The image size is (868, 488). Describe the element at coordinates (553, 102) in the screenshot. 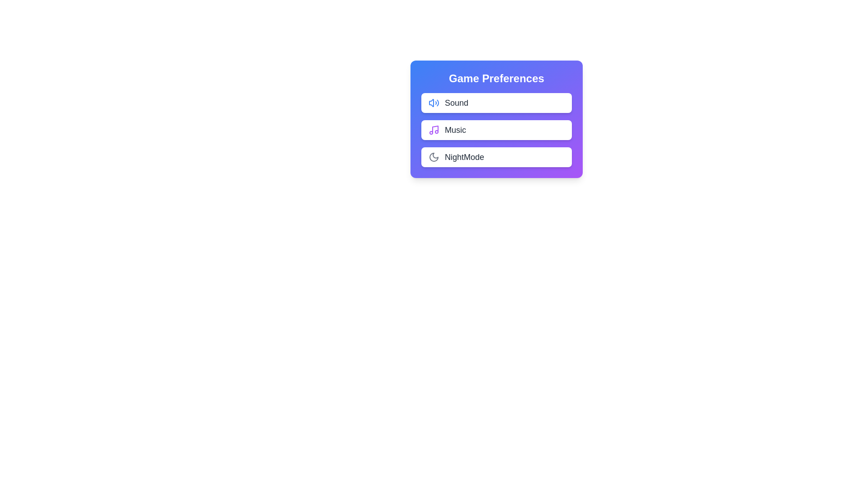

I see `the toggle button for the 'Sound' setting` at that location.